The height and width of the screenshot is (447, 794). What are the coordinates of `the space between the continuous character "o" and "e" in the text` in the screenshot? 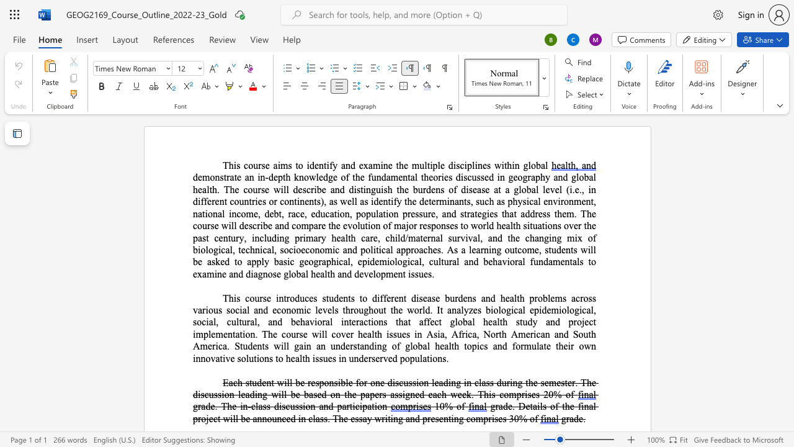 It's located at (300, 250).